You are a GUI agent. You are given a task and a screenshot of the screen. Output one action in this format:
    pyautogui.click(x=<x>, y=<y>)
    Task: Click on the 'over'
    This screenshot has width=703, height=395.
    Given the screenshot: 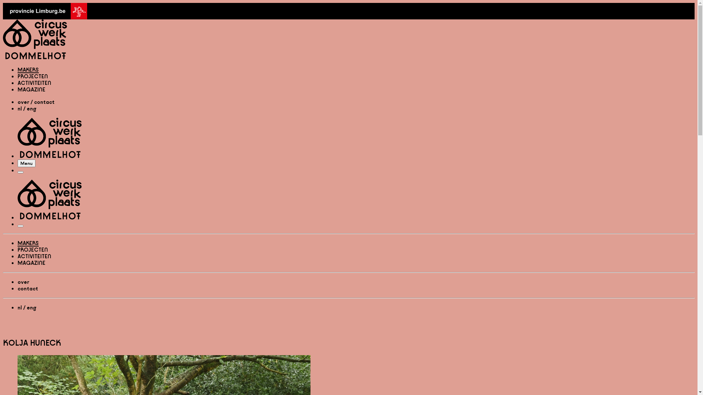 What is the action you would take?
    pyautogui.click(x=23, y=102)
    